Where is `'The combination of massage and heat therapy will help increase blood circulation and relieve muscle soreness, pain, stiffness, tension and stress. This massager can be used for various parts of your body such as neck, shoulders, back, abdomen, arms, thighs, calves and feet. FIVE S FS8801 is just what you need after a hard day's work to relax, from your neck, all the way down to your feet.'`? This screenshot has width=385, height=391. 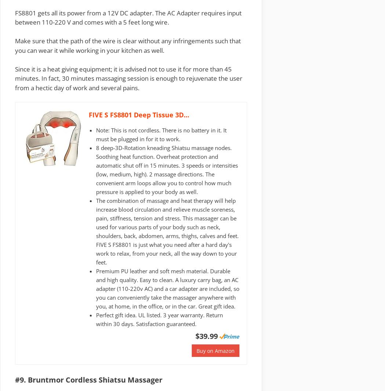
'The combination of massage and heat therapy will help increase blood circulation and relieve muscle soreness, pain, stiffness, tension and stress. This massager can be used for various parts of your body such as neck, shoulders, back, abdomen, arms, thighs, calves and feet. FIVE S FS8801 is just what you need after a hard day's work to relax, from your neck, all the way down to your feet.' is located at coordinates (167, 231).